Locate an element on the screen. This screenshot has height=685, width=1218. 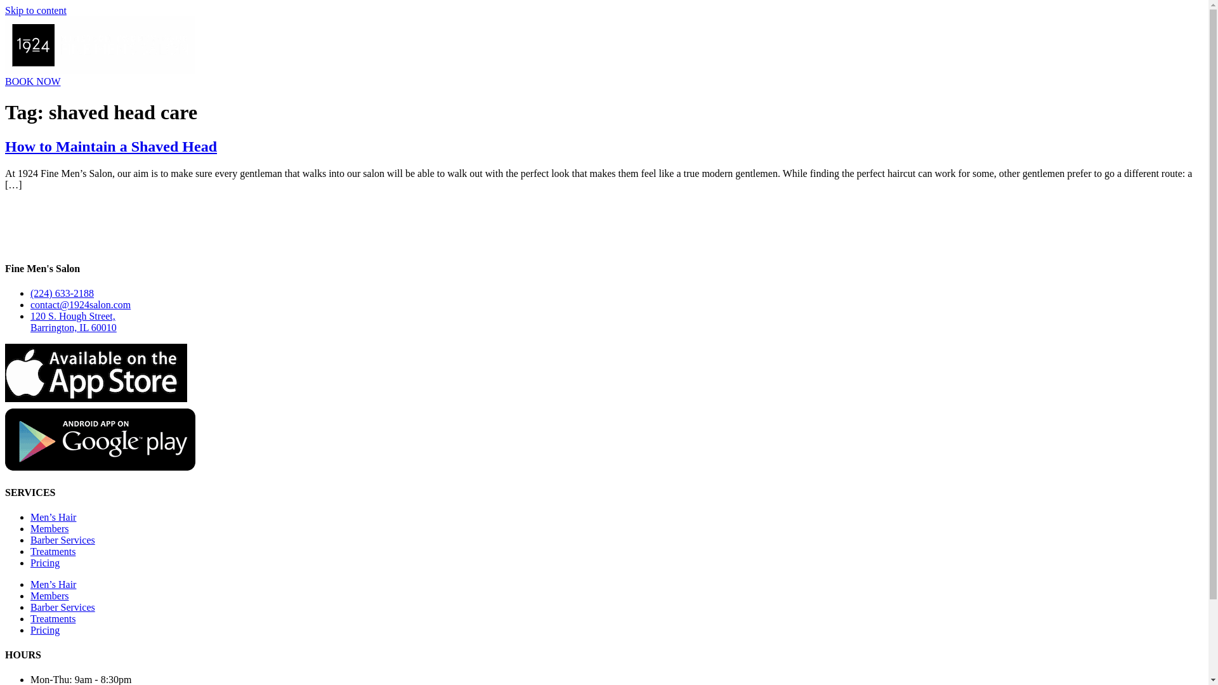
'120 S. Hough Street, is located at coordinates (72, 321).